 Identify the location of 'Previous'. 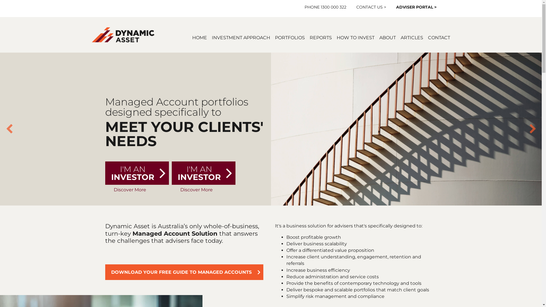
(9, 129).